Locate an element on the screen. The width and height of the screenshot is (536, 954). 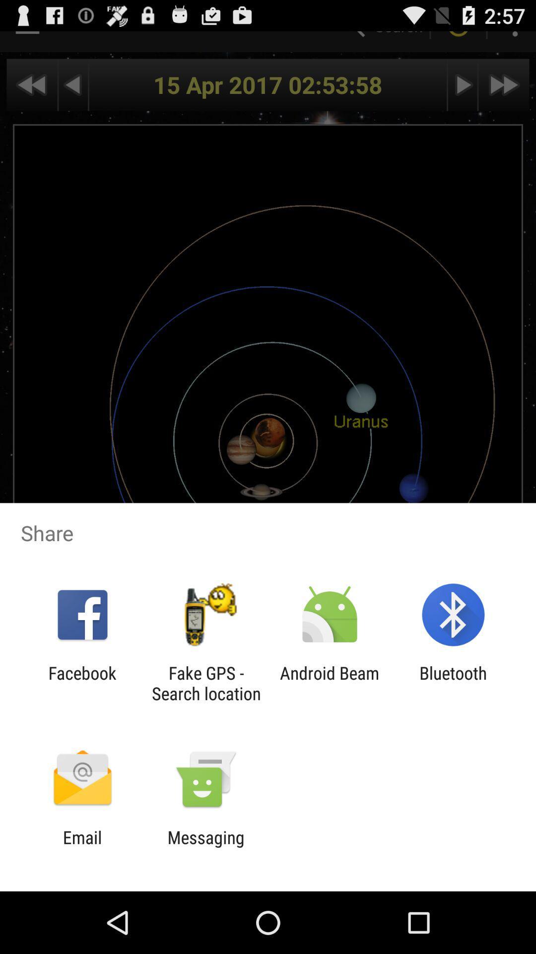
the item next to the facebook icon is located at coordinates (205, 683).